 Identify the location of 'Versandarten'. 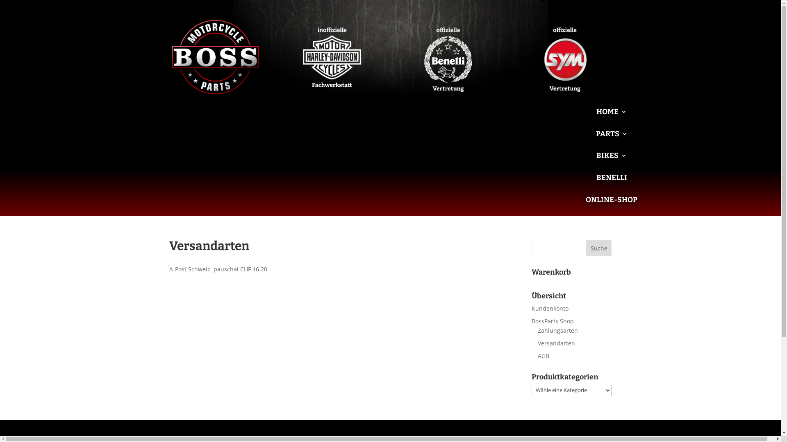
(537, 343).